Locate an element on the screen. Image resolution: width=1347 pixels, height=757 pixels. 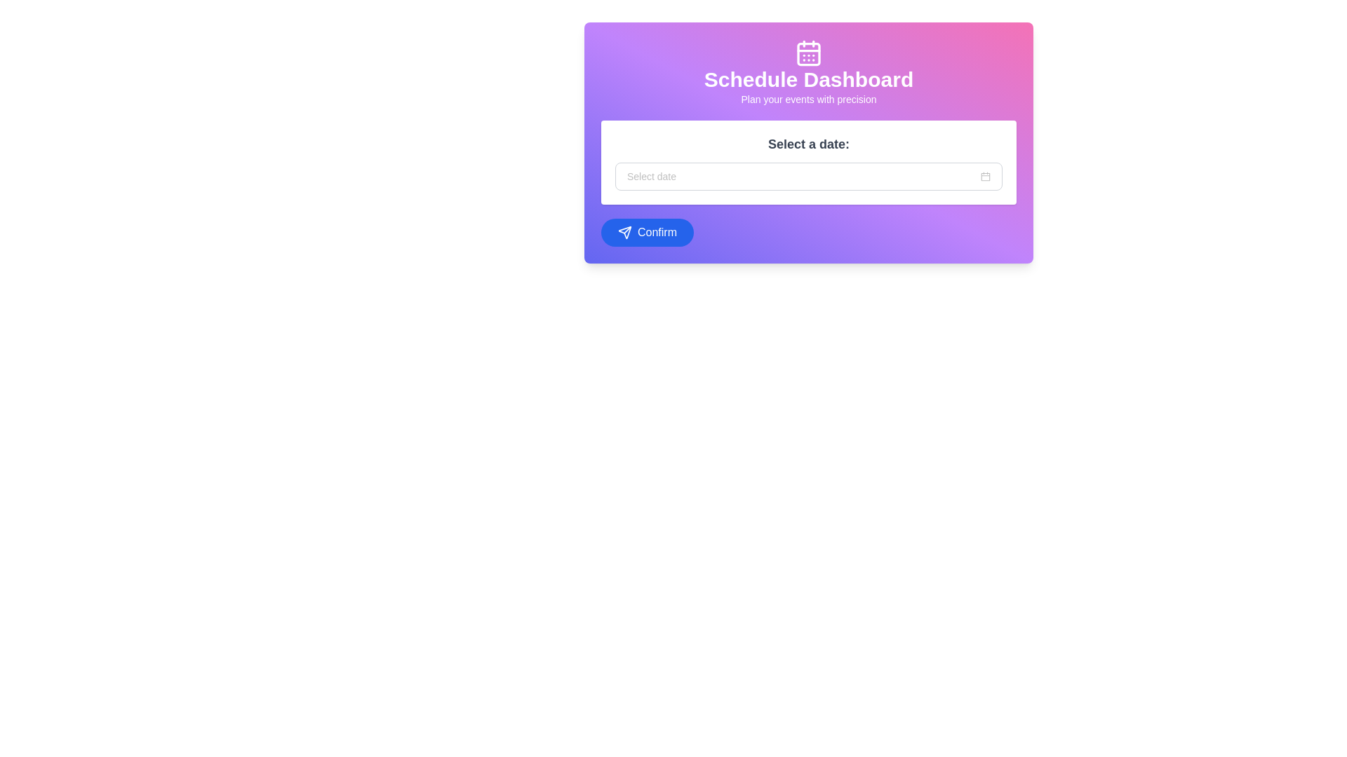
the date-picker input box labeled 'Select a date:' is located at coordinates (808, 161).